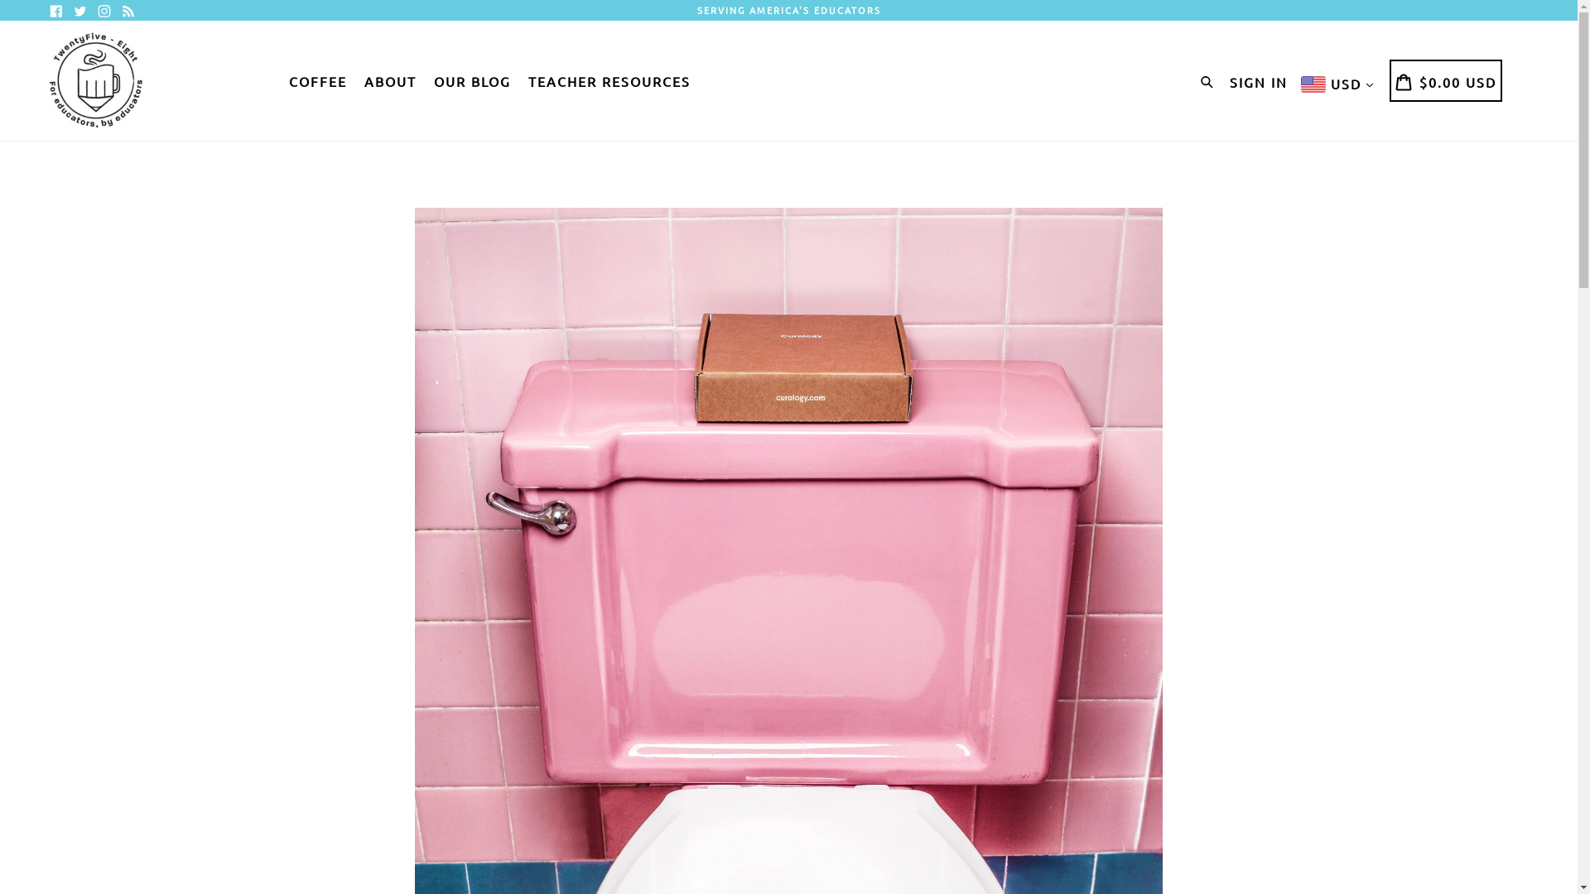 The height and width of the screenshot is (894, 1590). I want to click on 'TEACHER RESOURCES', so click(520, 80).